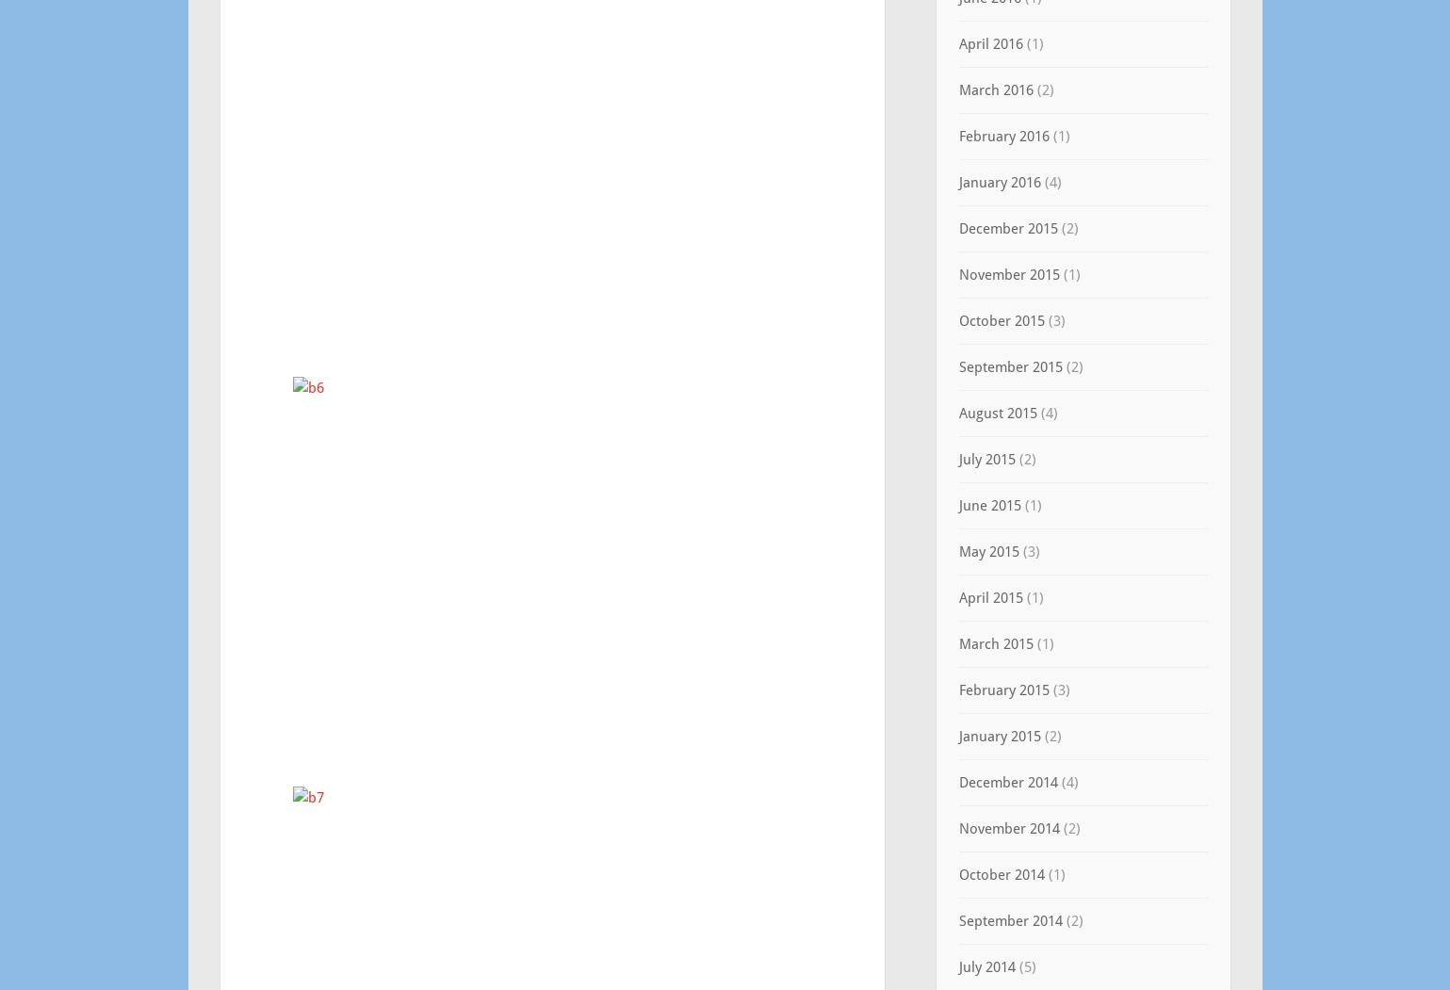  Describe the element at coordinates (956, 459) in the screenshot. I see `'July 2015'` at that location.